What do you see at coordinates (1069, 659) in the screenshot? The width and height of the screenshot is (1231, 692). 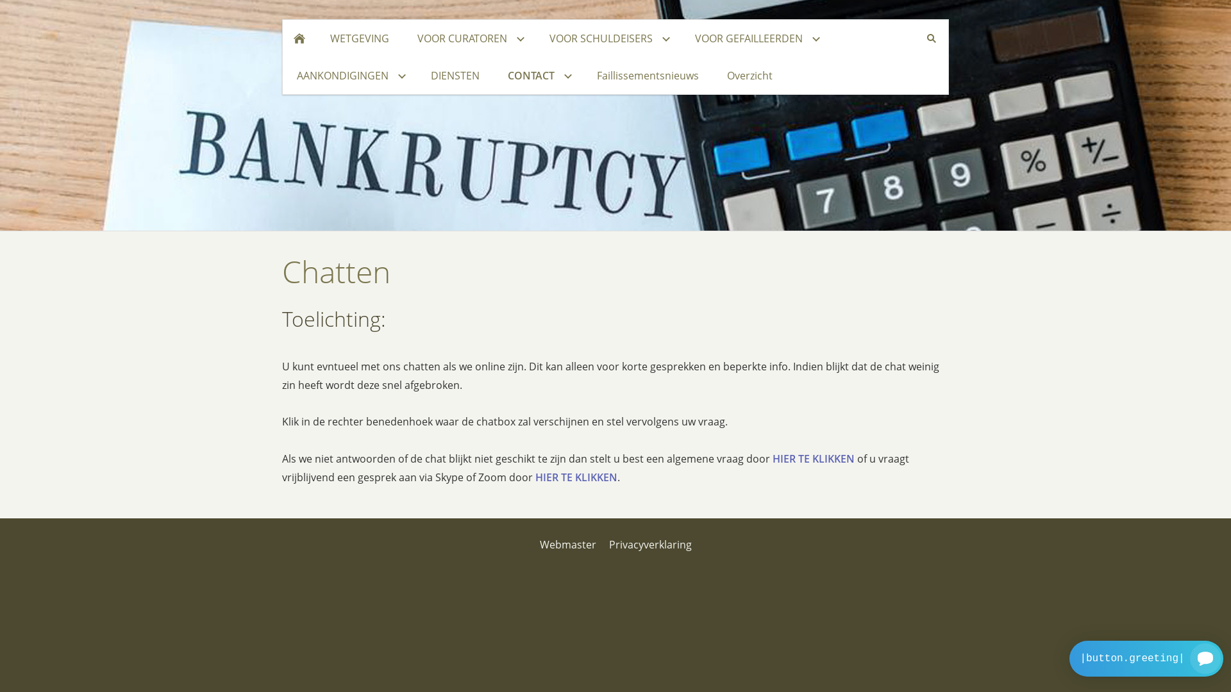 I see `'Smartsupp widget button'` at bounding box center [1069, 659].